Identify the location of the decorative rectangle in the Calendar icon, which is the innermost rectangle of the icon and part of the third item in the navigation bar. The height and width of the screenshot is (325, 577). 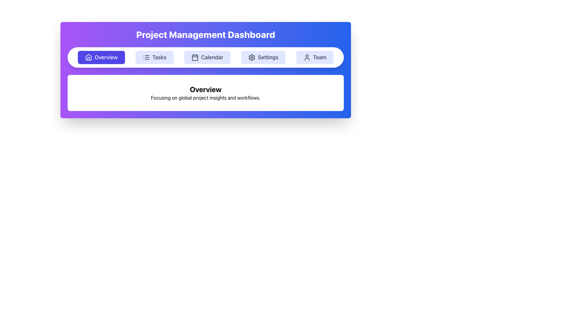
(195, 58).